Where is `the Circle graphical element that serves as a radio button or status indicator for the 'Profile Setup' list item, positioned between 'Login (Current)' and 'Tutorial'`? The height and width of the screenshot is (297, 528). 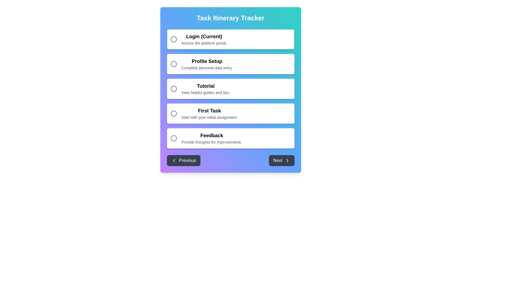 the Circle graphical element that serves as a radio button or status indicator for the 'Profile Setup' list item, positioned between 'Login (Current)' and 'Tutorial' is located at coordinates (173, 64).